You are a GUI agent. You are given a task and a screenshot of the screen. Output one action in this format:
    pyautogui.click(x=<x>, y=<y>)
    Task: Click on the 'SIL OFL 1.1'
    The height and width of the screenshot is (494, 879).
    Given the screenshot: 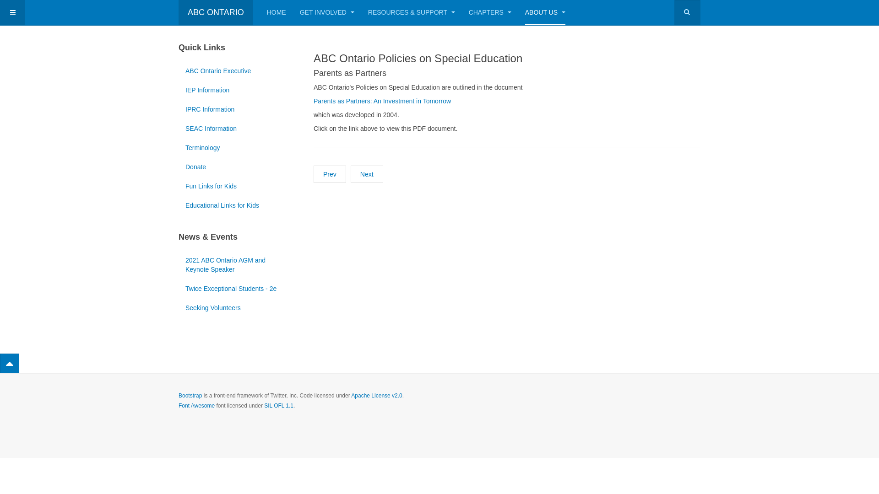 What is the action you would take?
    pyautogui.click(x=278, y=405)
    